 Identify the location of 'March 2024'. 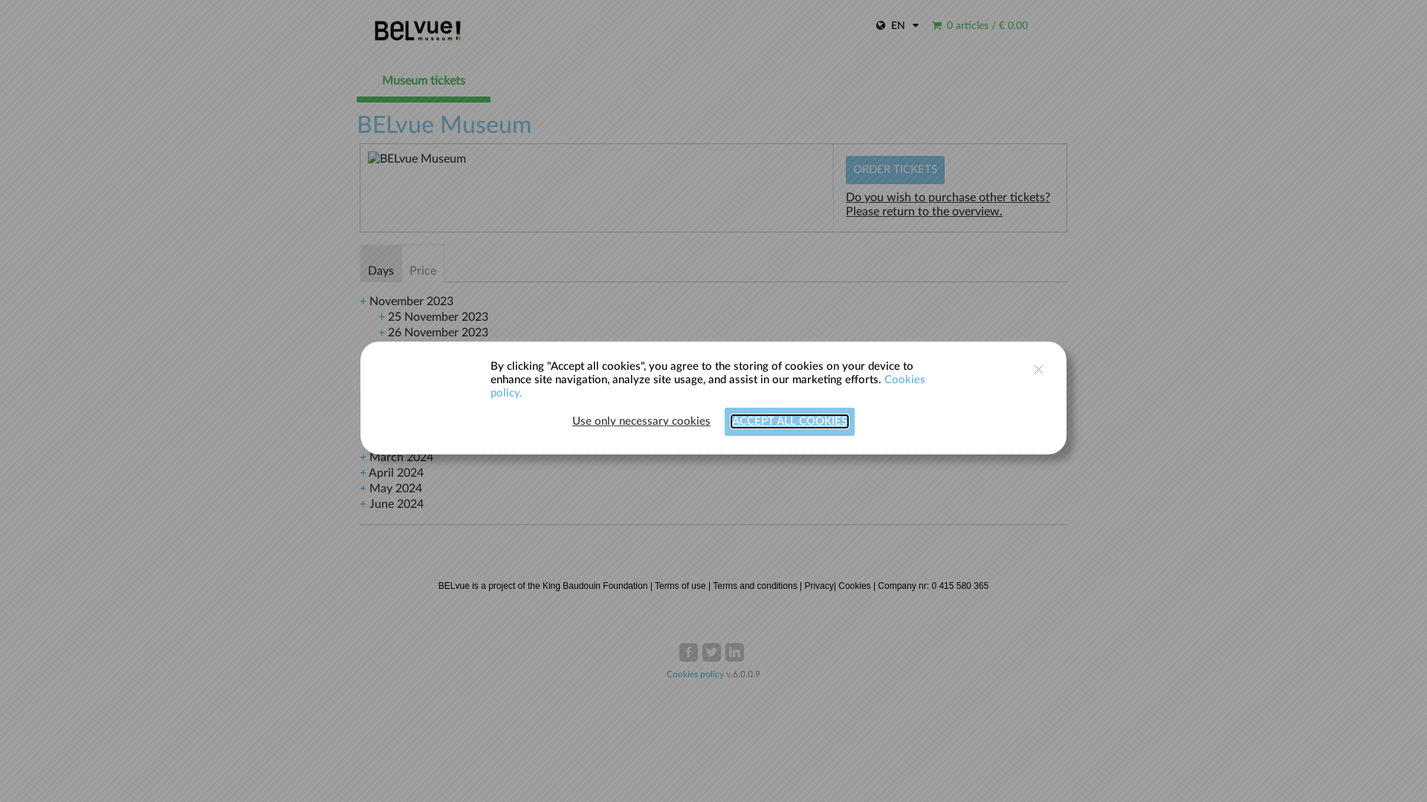
(401, 457).